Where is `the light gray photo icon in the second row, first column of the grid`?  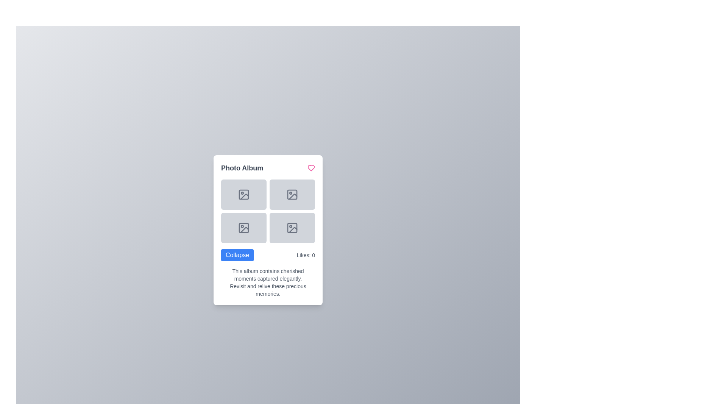
the light gray photo icon in the second row, first column of the grid is located at coordinates (243, 227).